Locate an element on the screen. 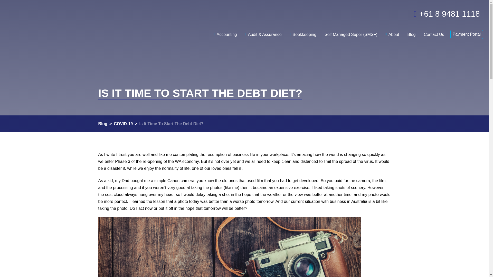 The height and width of the screenshot is (277, 493). 'COVID-19' is located at coordinates (123, 124).